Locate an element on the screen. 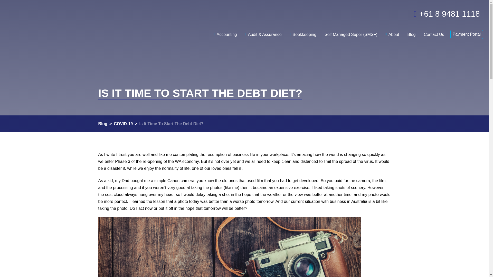 The height and width of the screenshot is (277, 493). 'COVID-19' is located at coordinates (123, 124).